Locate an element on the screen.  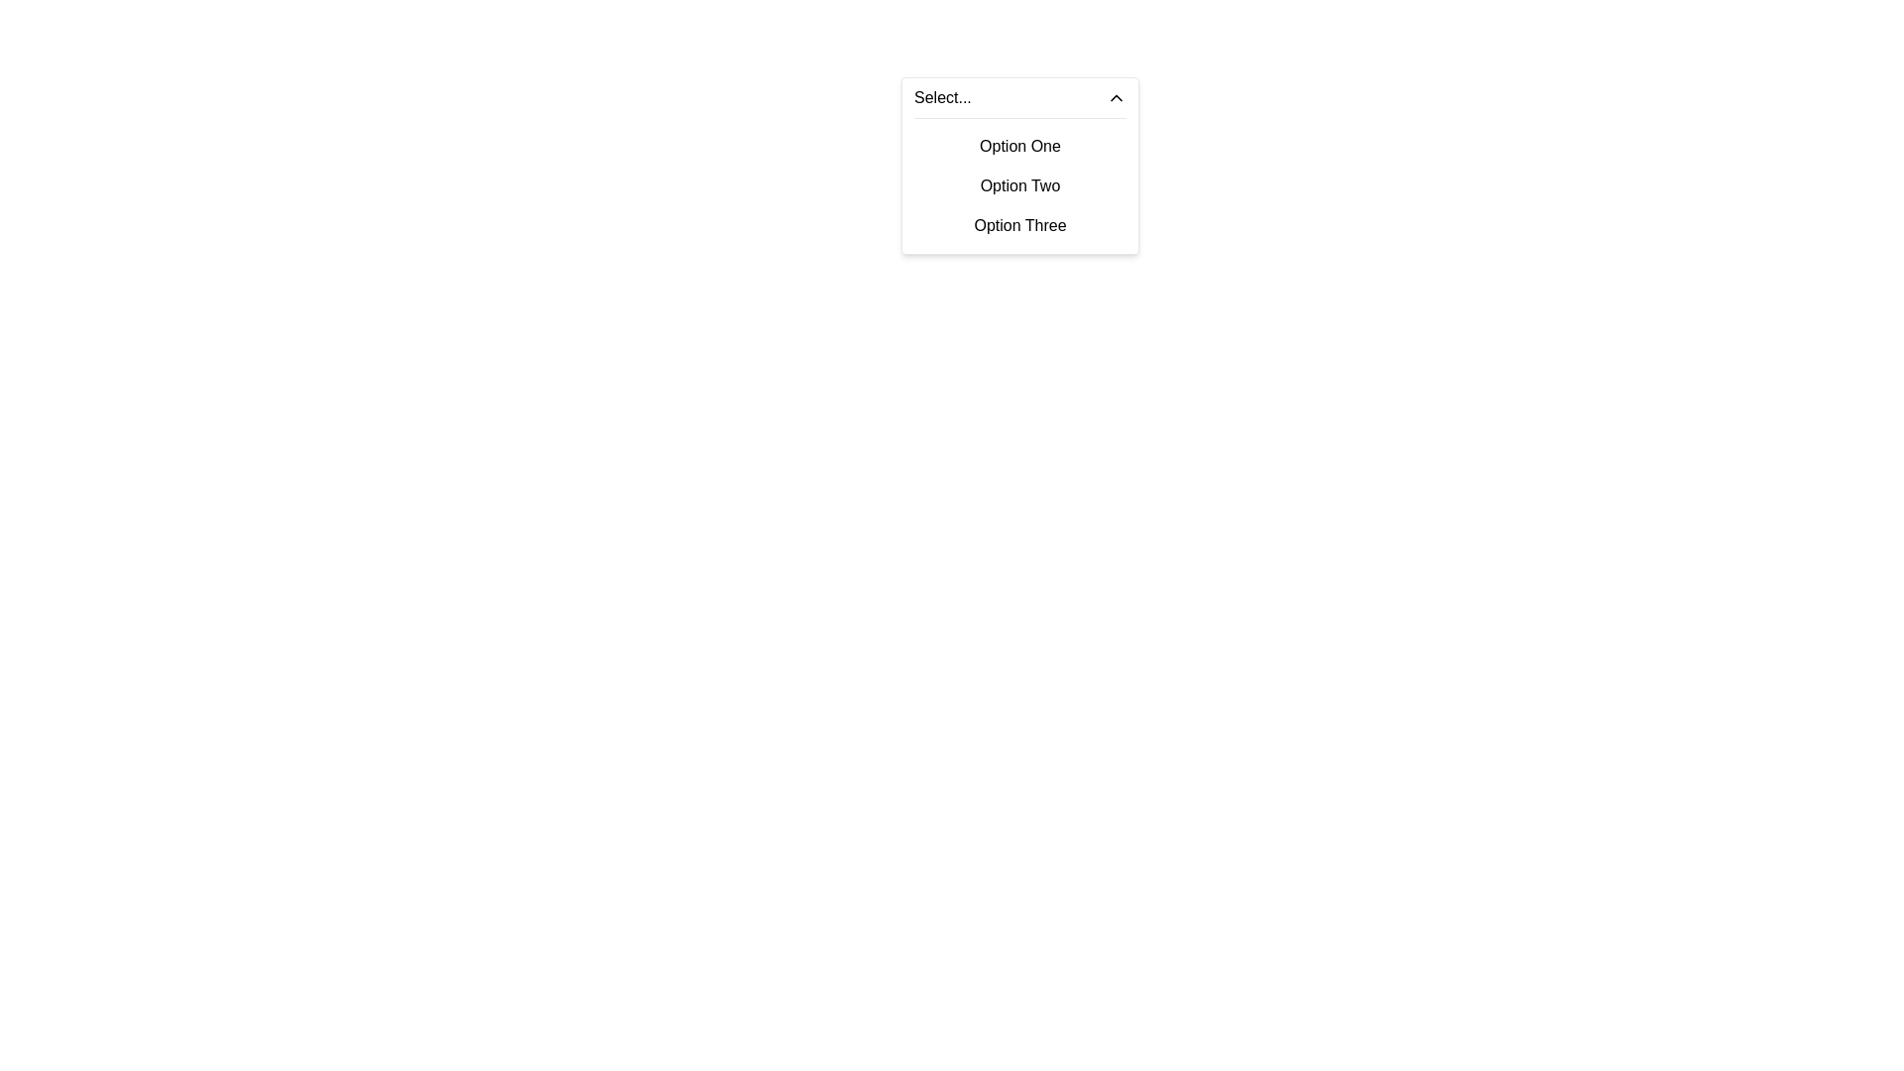
the dropdown menu option group located directly below the text 'Select...' is located at coordinates (1019, 181).